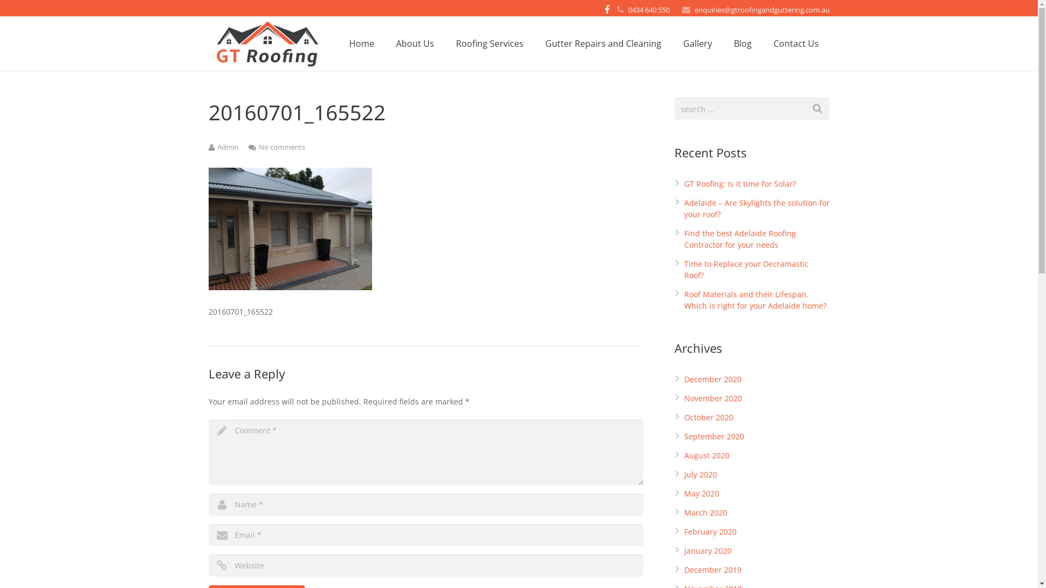 This screenshot has height=588, width=1046. I want to click on 'July 2020', so click(701, 474).